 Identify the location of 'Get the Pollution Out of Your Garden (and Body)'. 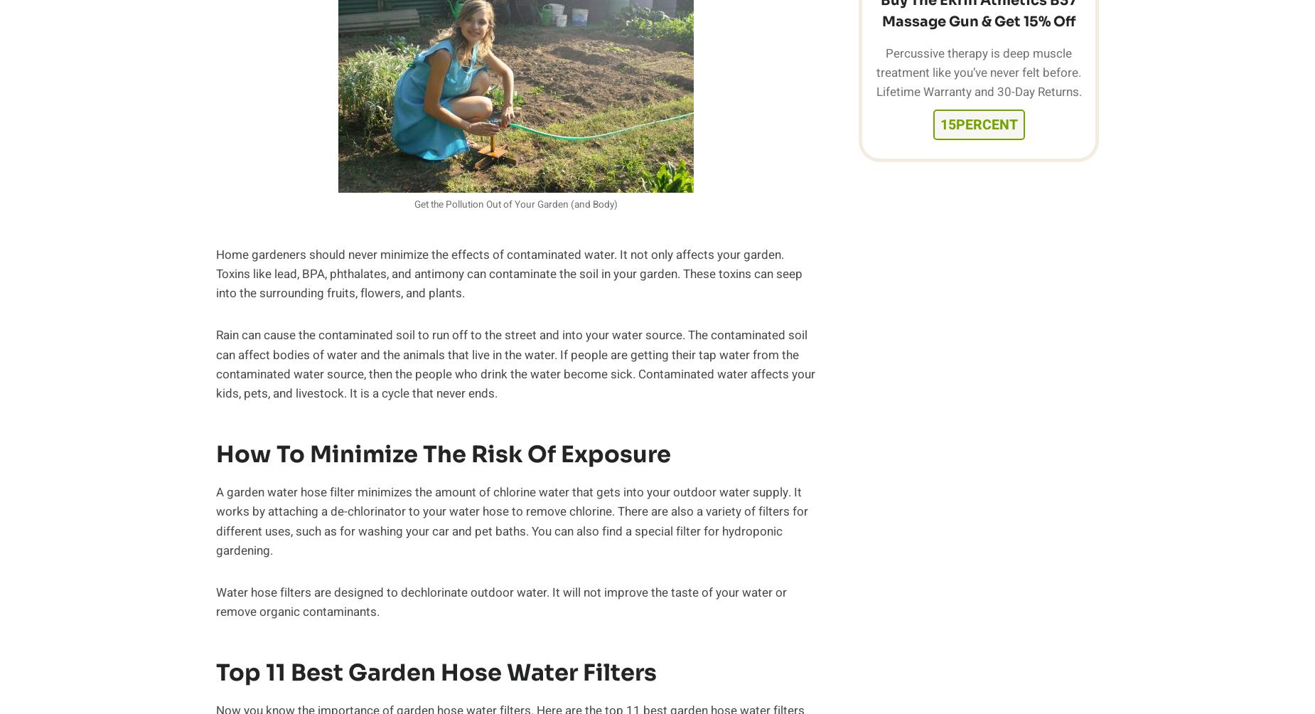
(515, 204).